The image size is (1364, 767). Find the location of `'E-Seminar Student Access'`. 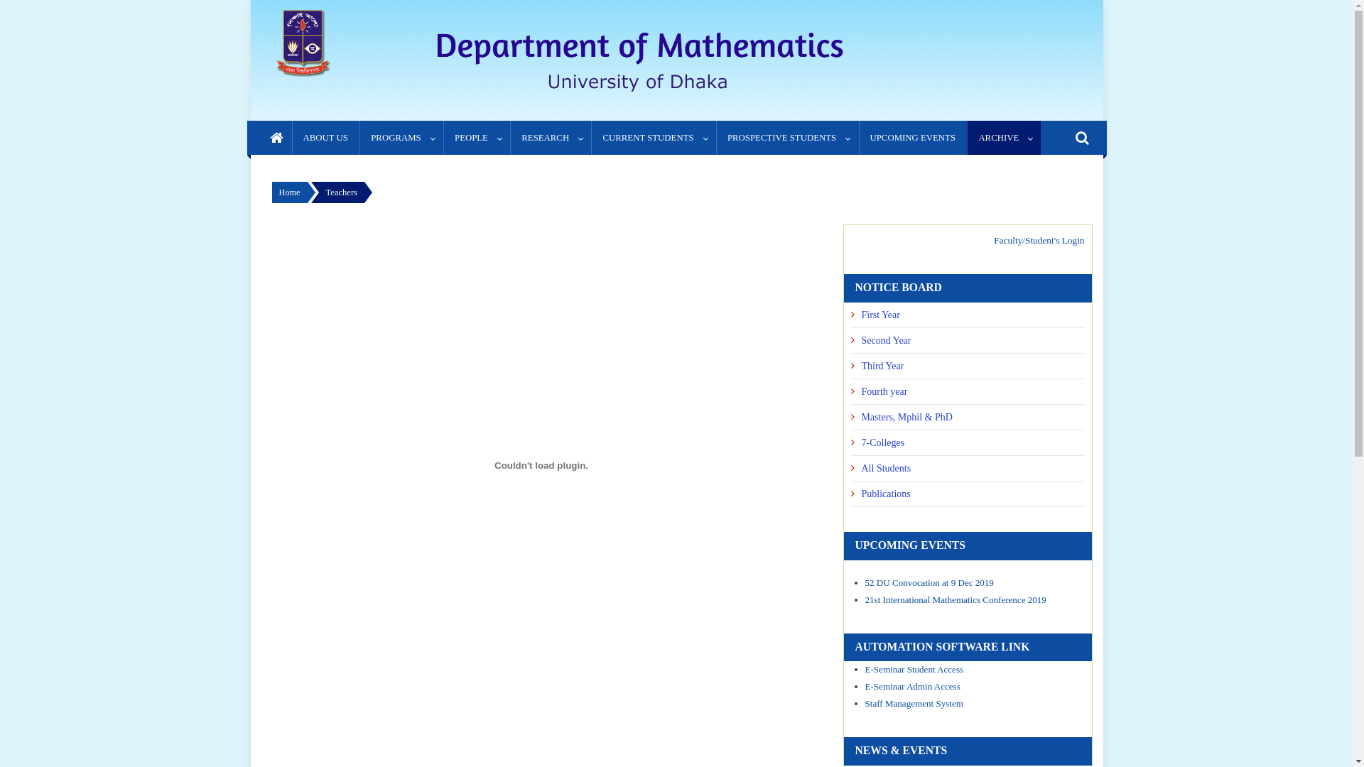

'E-Seminar Student Access' is located at coordinates (914, 669).